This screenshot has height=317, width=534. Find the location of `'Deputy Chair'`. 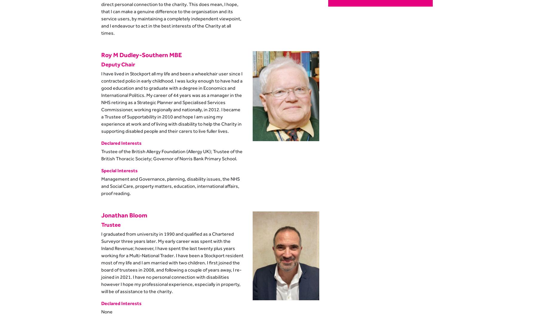

'Deputy Chair' is located at coordinates (118, 64).